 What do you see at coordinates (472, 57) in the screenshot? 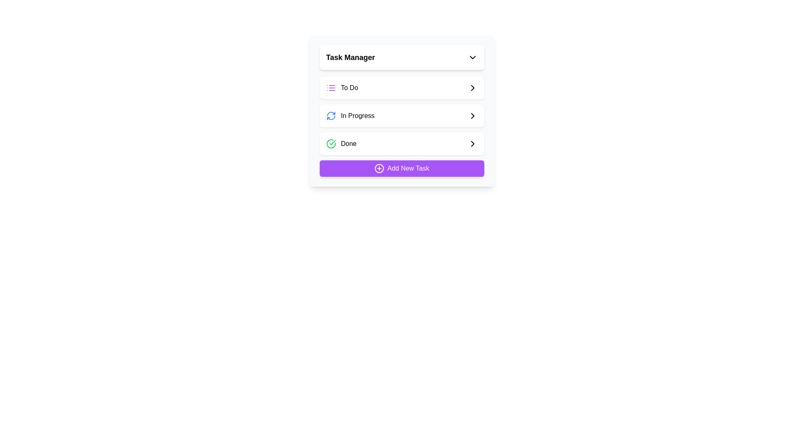
I see `the downward-pointing chevron icon located at the far right of the 'Task Manager' header section` at bounding box center [472, 57].